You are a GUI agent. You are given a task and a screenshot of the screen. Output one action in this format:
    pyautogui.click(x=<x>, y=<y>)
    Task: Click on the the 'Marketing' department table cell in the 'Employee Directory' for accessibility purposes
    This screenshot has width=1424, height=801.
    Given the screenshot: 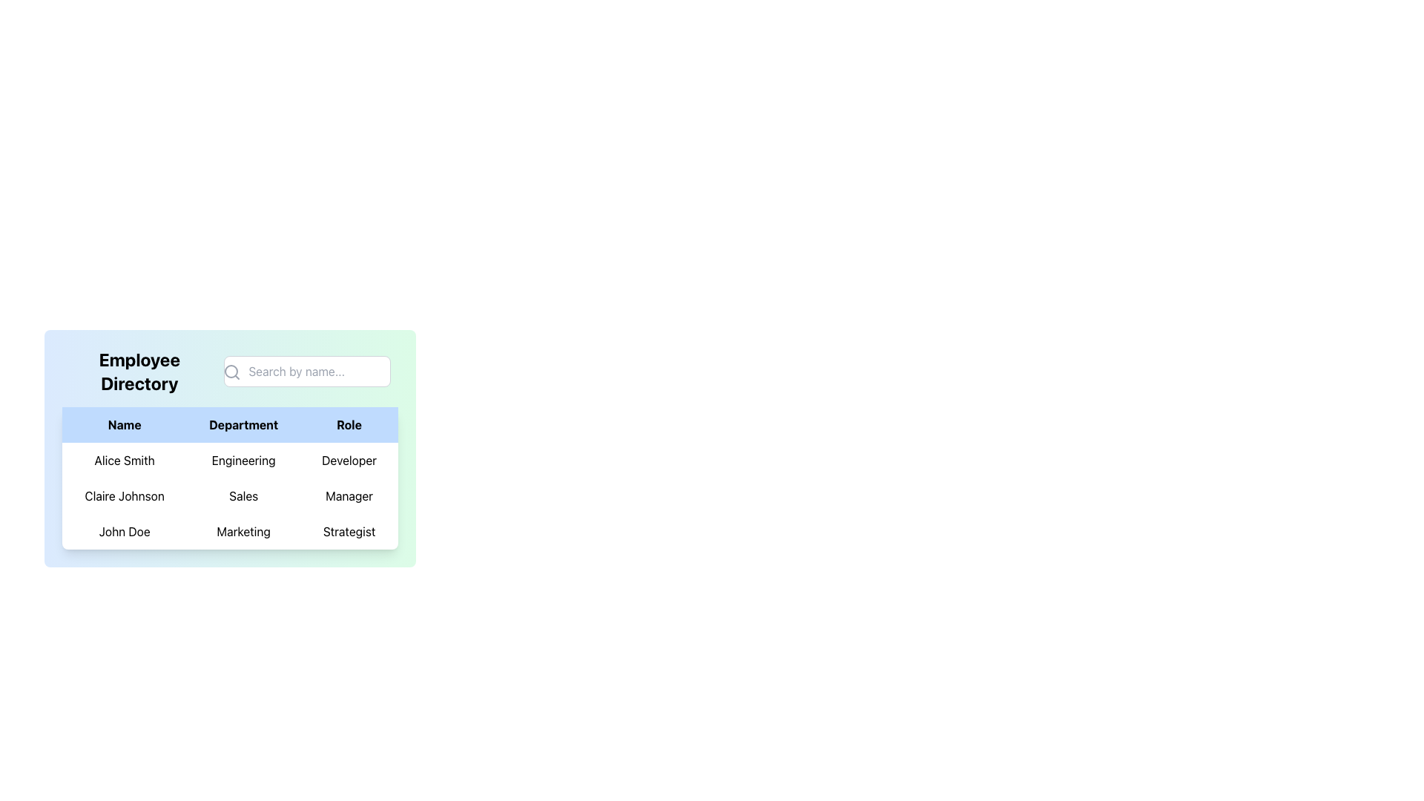 What is the action you would take?
    pyautogui.click(x=243, y=531)
    